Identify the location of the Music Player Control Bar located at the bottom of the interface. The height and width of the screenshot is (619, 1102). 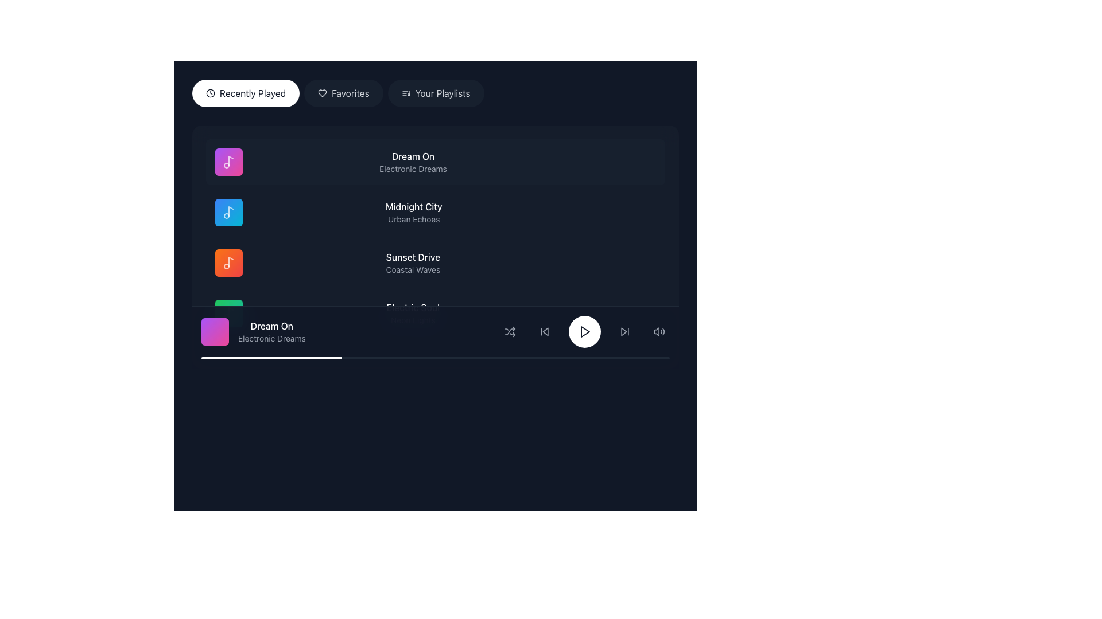
(434, 336).